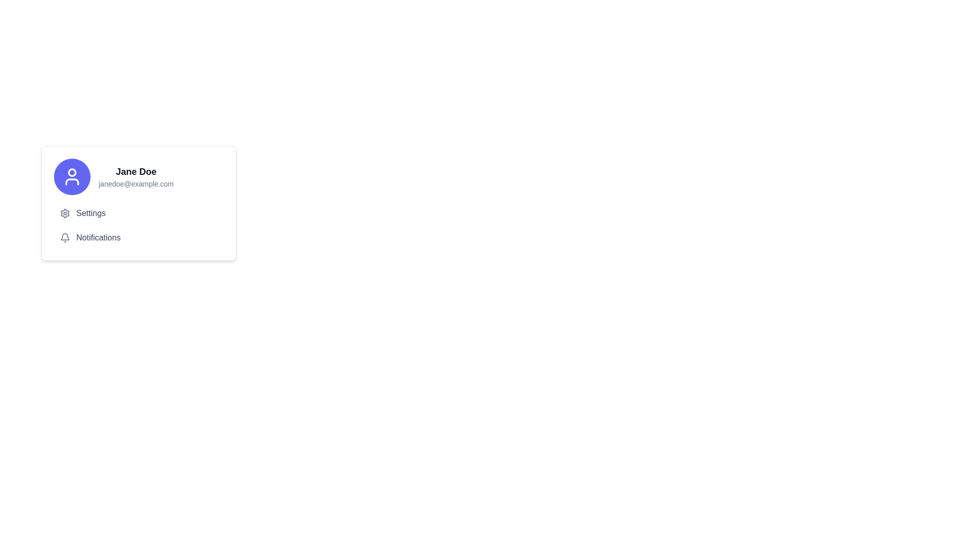 The image size is (977, 549). Describe the element at coordinates (135, 184) in the screenshot. I see `the text display element showing the email address 'janedoe@example.com', which is located beneath the name 'Jane Doe' within the profile card` at that location.